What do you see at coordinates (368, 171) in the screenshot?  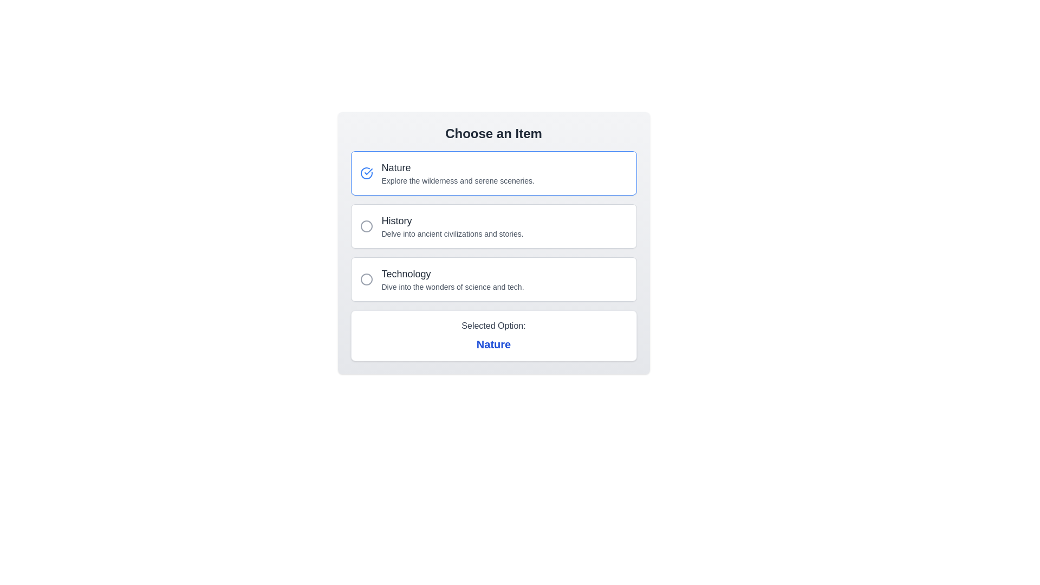 I see `the checkmark icon that indicates the 'Nature' option is currently selected, located to the left of the 'Nature' option text` at bounding box center [368, 171].